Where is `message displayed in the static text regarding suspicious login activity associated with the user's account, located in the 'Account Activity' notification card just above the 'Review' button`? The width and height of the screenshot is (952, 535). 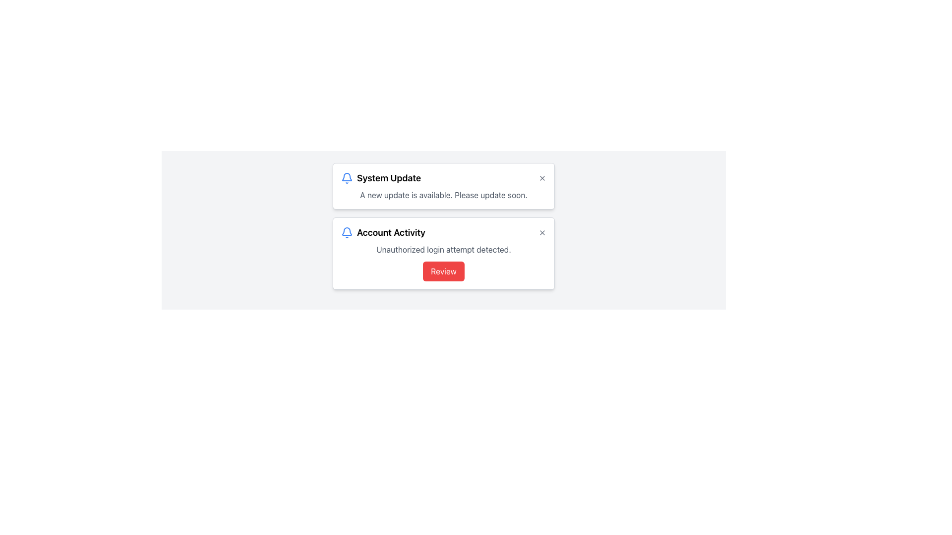
message displayed in the static text regarding suspicious login activity associated with the user's account, located in the 'Account Activity' notification card just above the 'Review' button is located at coordinates (443, 249).